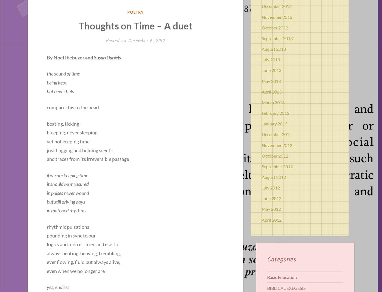 The image size is (382, 292). I want to click on 'in pulses never wound', so click(68, 192).